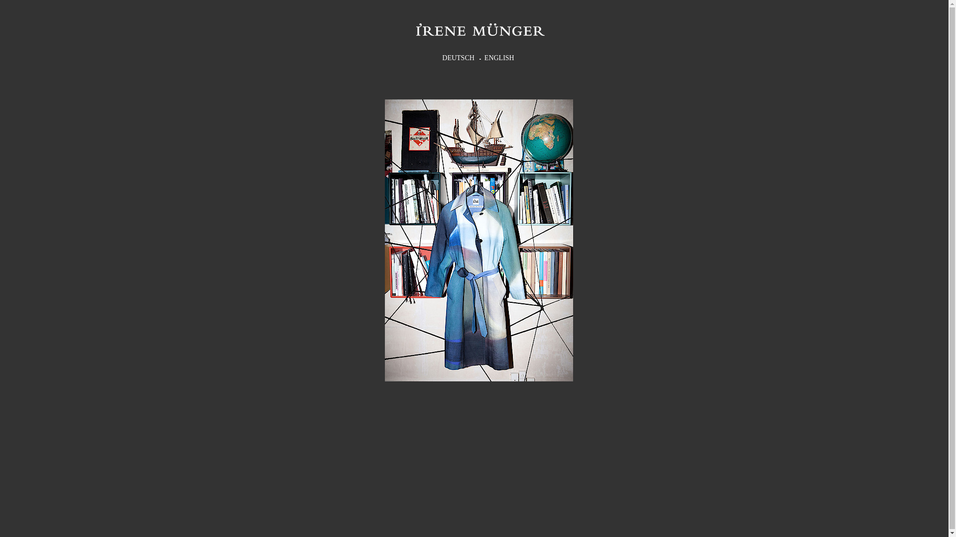  I want to click on 'ENGLISH', so click(499, 56).